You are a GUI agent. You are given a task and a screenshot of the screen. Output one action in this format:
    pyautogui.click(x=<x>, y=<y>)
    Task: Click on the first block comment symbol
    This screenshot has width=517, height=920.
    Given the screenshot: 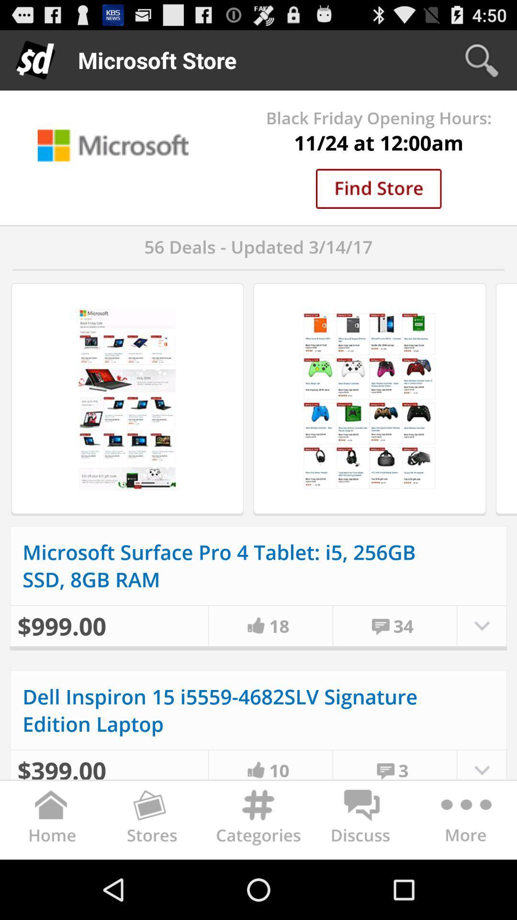 What is the action you would take?
    pyautogui.click(x=380, y=625)
    